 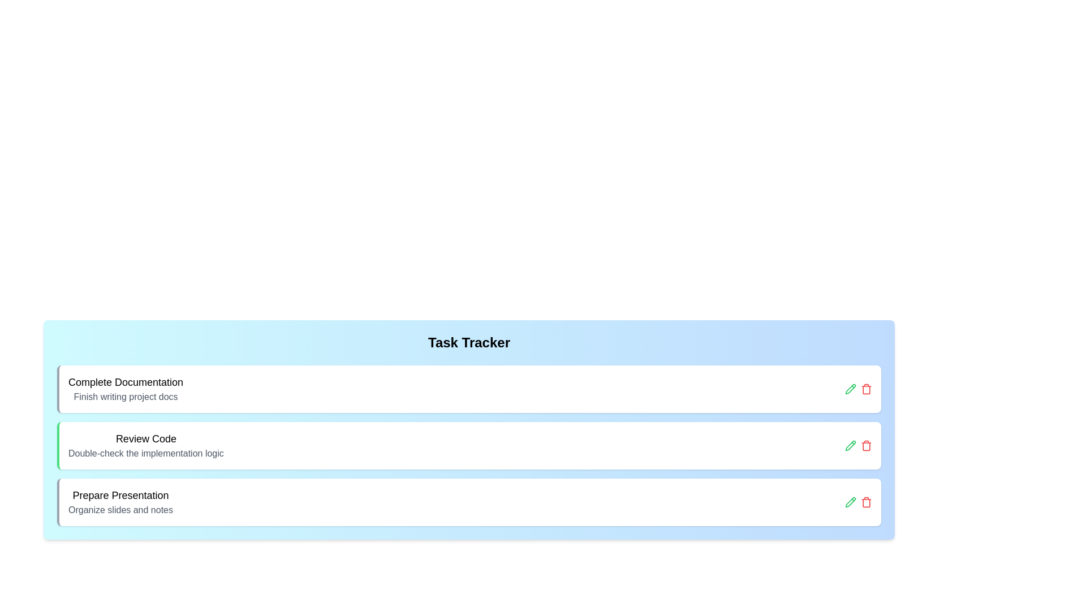 What do you see at coordinates (865, 445) in the screenshot?
I see `the trash icon of the task with name Review Code` at bounding box center [865, 445].